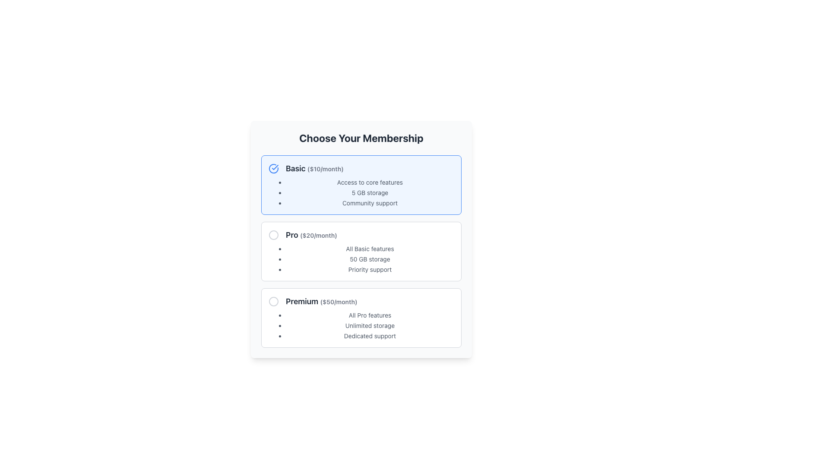 Image resolution: width=829 pixels, height=466 pixels. I want to click on bullet-point list items 'All Pro features,' 'Unlimited storage,' and 'Dedicated support' located centrally within the Premium membership plan interface, so click(361, 326).